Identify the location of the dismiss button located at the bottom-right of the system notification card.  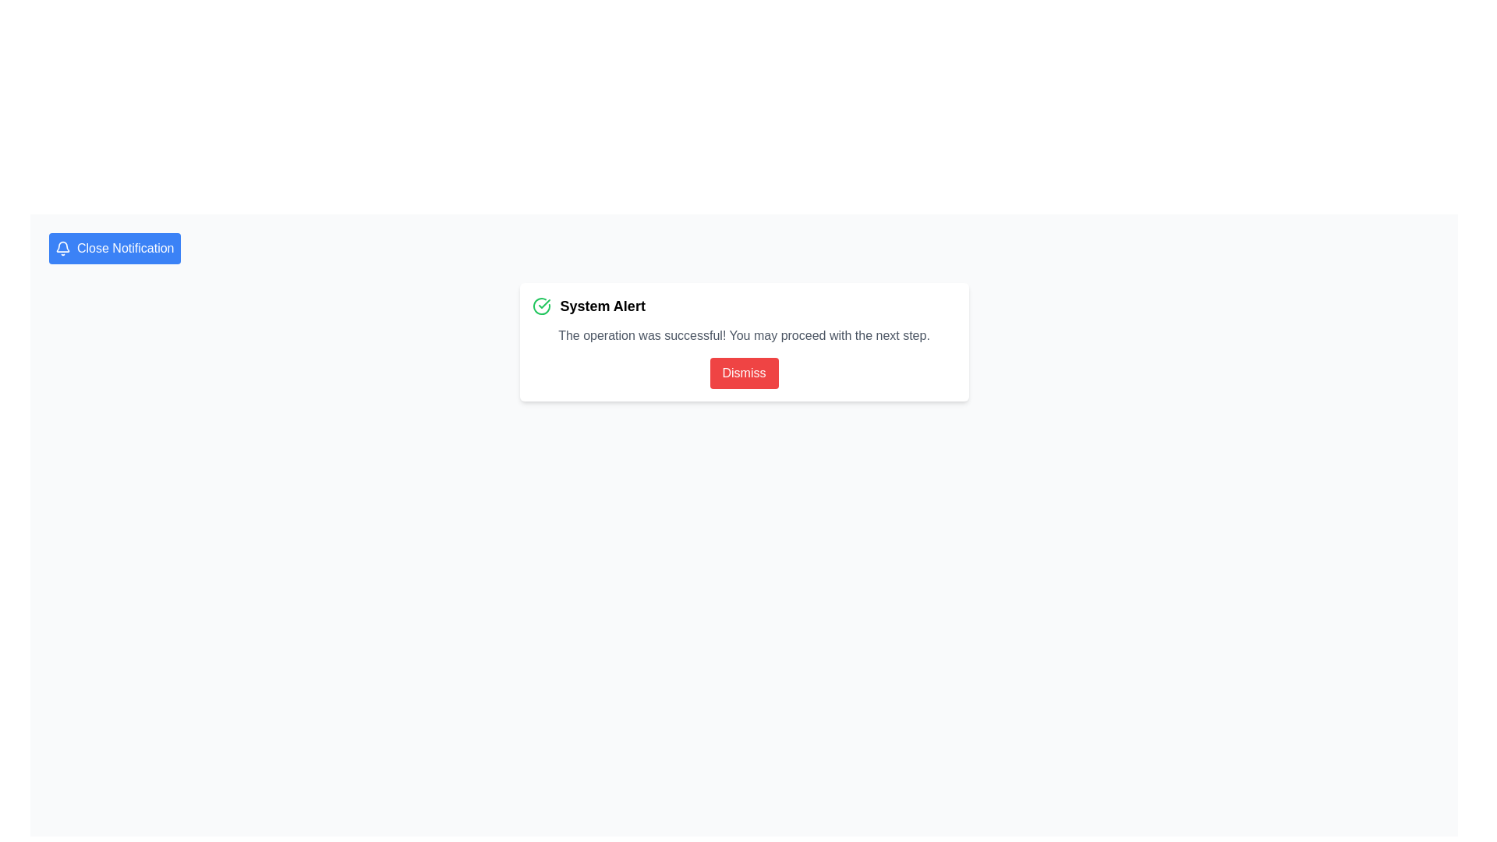
(743, 373).